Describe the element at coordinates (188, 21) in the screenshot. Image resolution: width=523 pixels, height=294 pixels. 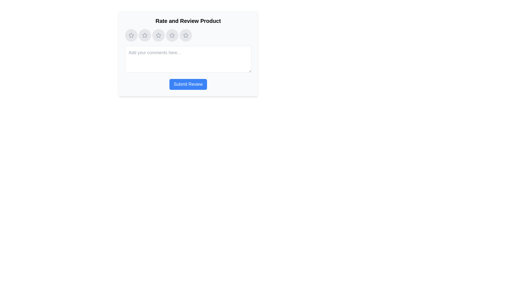
I see `the Textual Header that provides context and instruction for the section below, which enables the user to rate and review a product` at that location.